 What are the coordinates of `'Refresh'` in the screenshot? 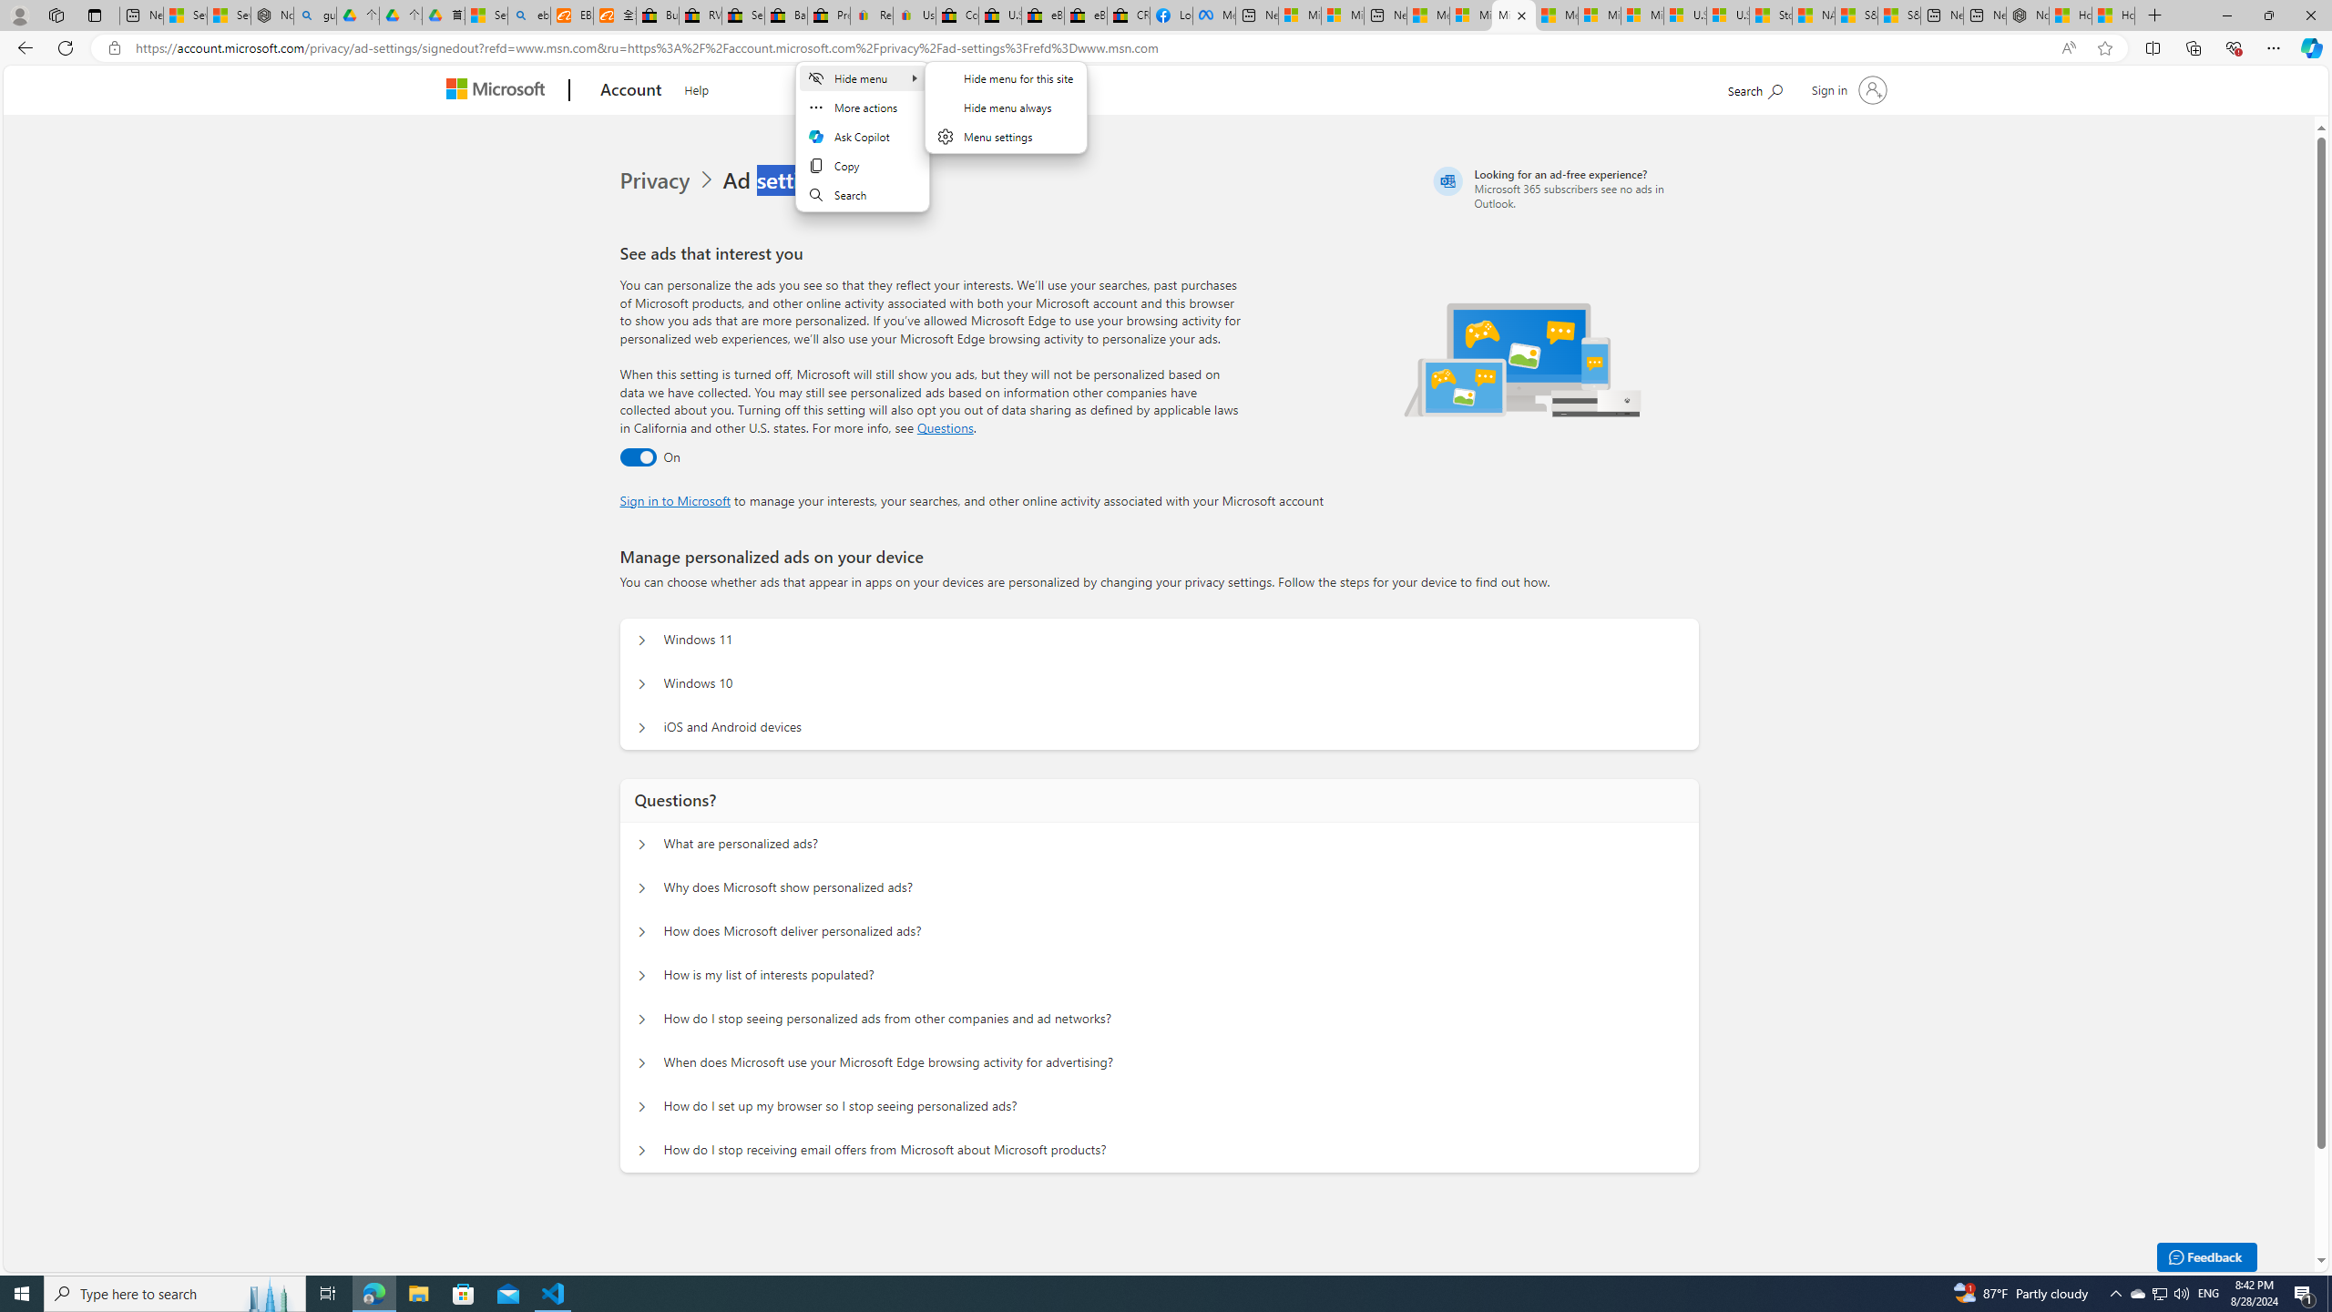 It's located at (64, 46).